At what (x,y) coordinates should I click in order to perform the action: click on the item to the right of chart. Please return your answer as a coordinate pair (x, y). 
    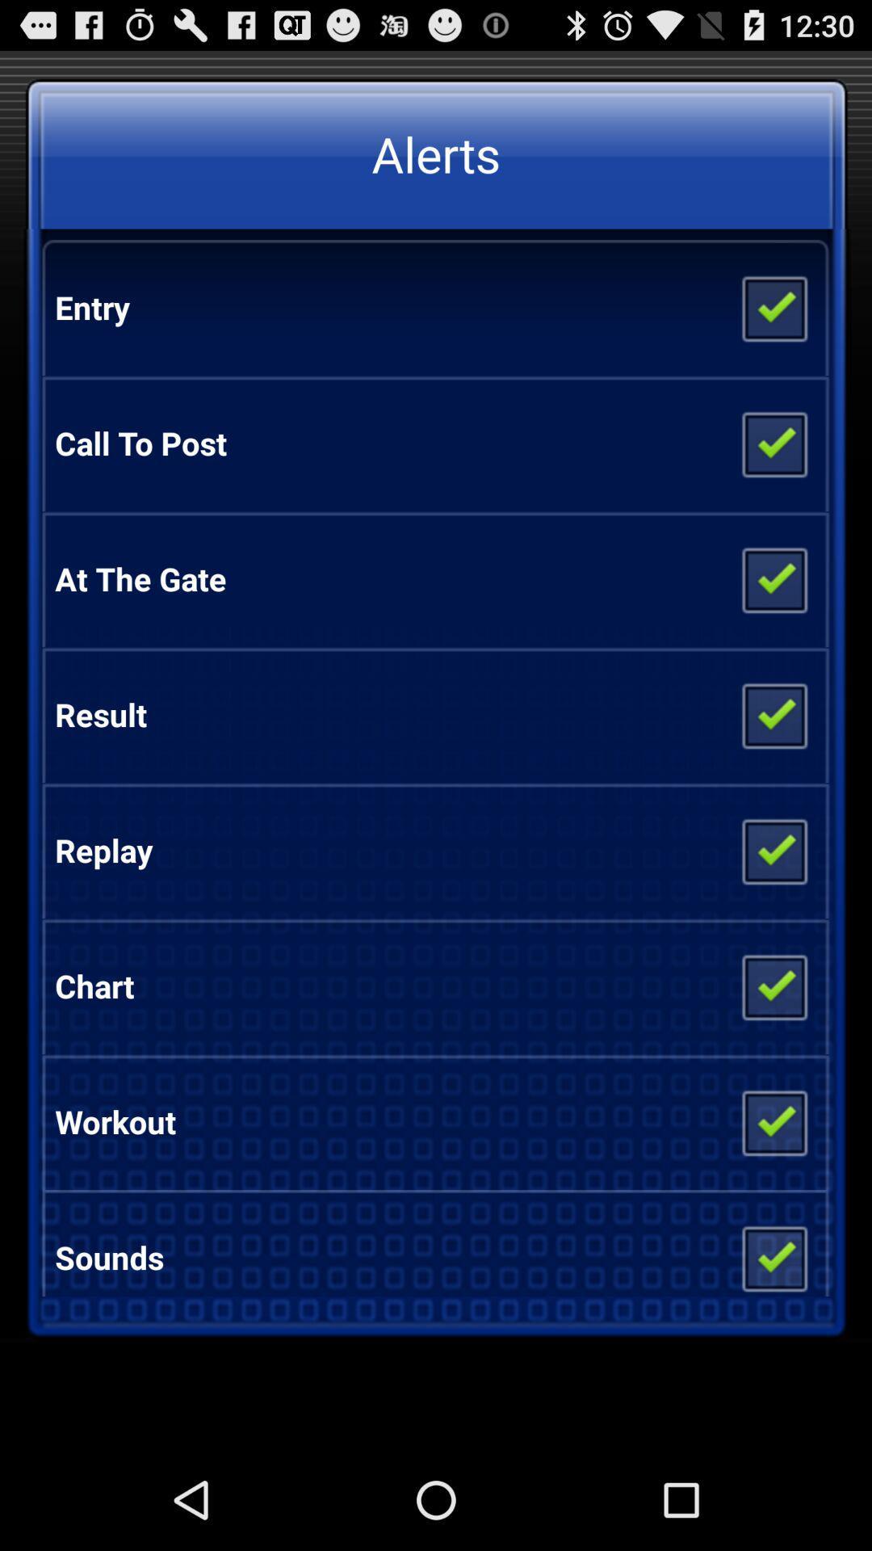
    Looking at the image, I should click on (773, 985).